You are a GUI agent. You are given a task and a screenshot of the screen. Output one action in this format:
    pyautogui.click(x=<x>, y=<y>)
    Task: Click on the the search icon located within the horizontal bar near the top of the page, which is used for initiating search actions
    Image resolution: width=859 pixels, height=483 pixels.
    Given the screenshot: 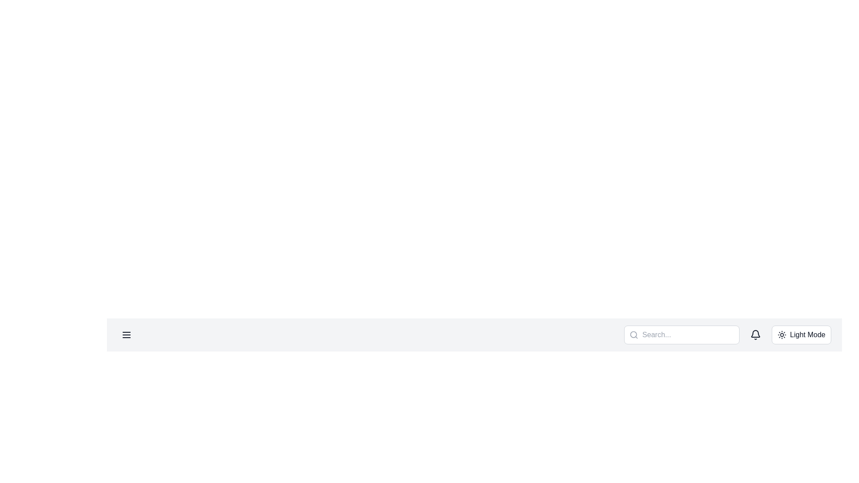 What is the action you would take?
    pyautogui.click(x=633, y=335)
    